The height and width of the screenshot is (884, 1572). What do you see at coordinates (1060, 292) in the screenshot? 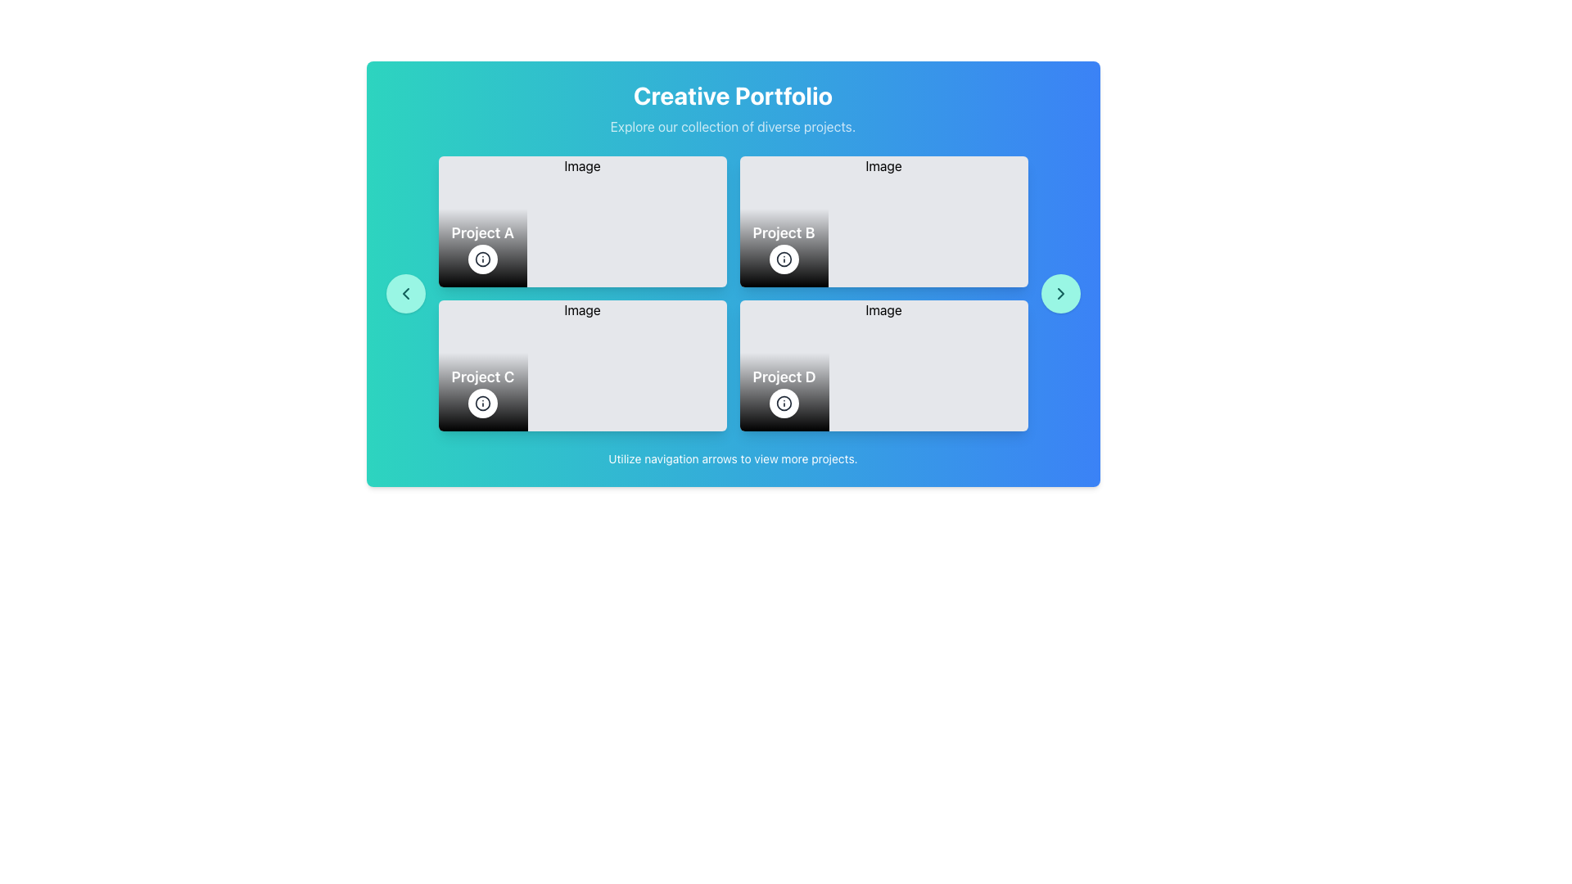
I see `the right-pointing chevron icon embedded in the navigation button` at bounding box center [1060, 292].